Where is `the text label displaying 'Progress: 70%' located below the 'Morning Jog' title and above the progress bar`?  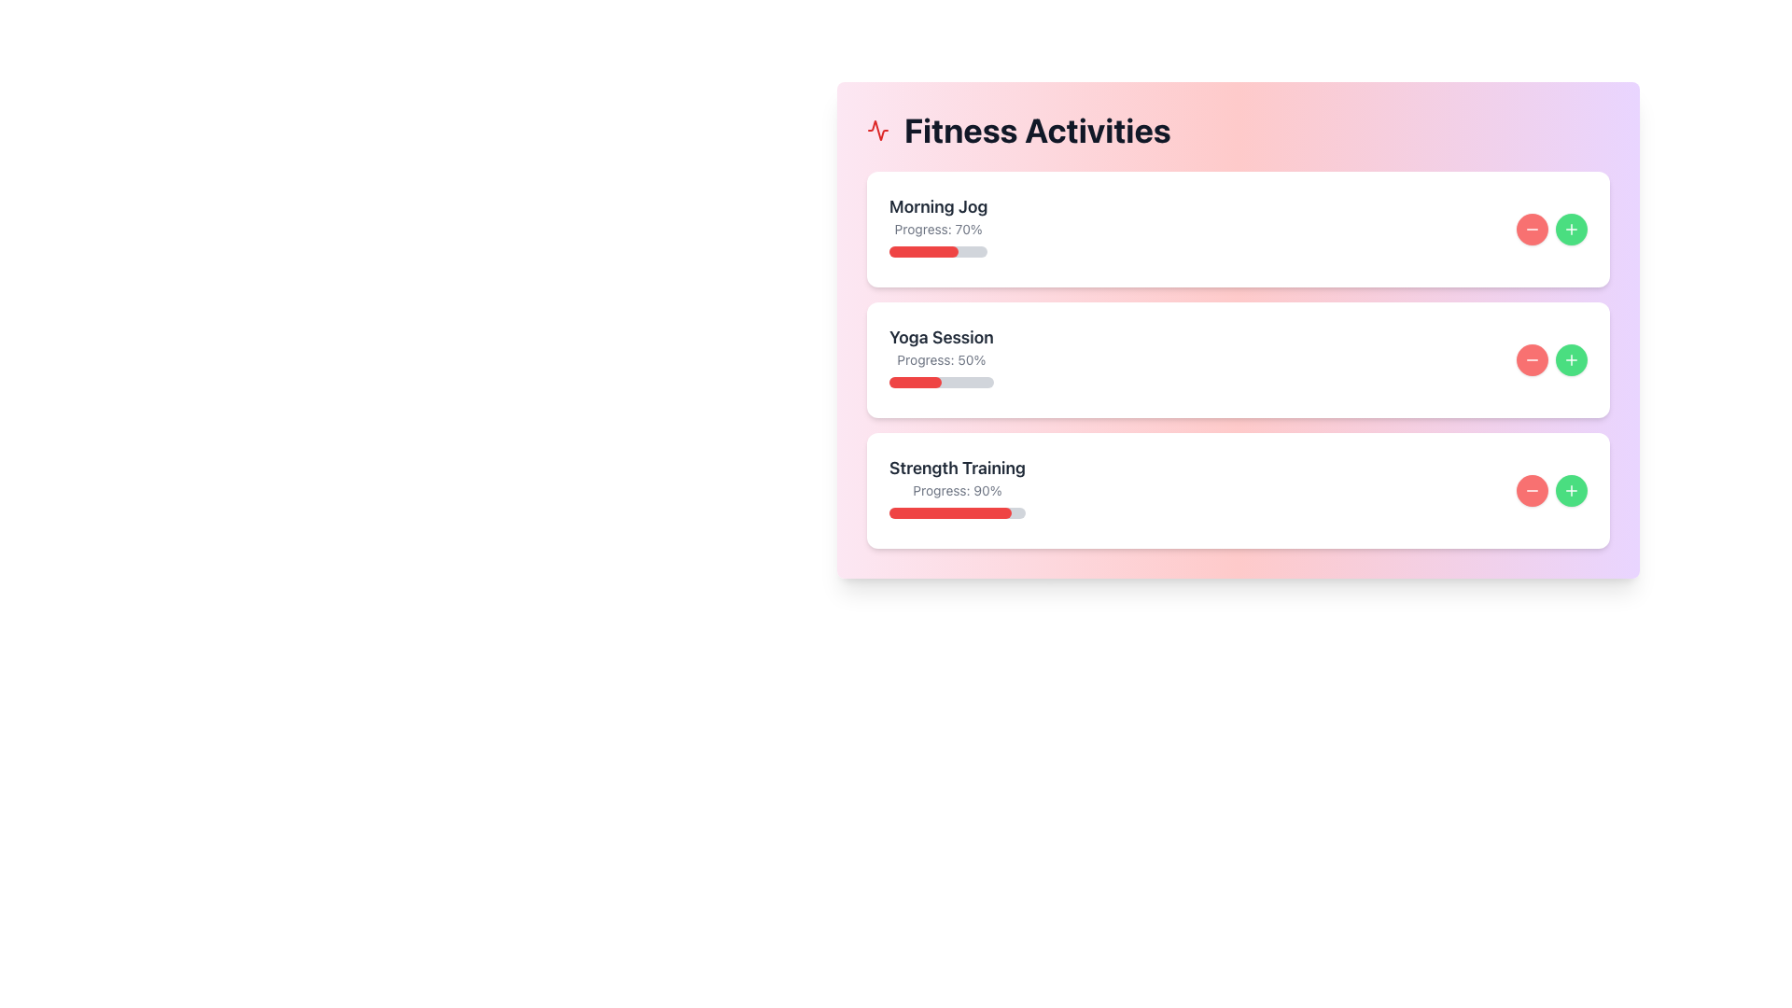 the text label displaying 'Progress: 70%' located below the 'Morning Jog' title and above the progress bar is located at coordinates (938, 229).